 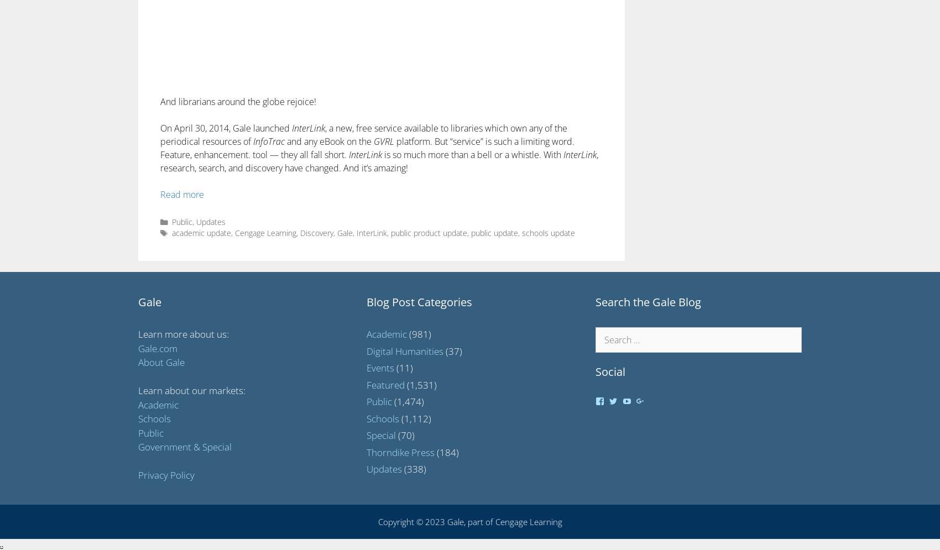 I want to click on 'Copyright © 2023 Gale, part of Cengage Learning', so click(x=469, y=521).